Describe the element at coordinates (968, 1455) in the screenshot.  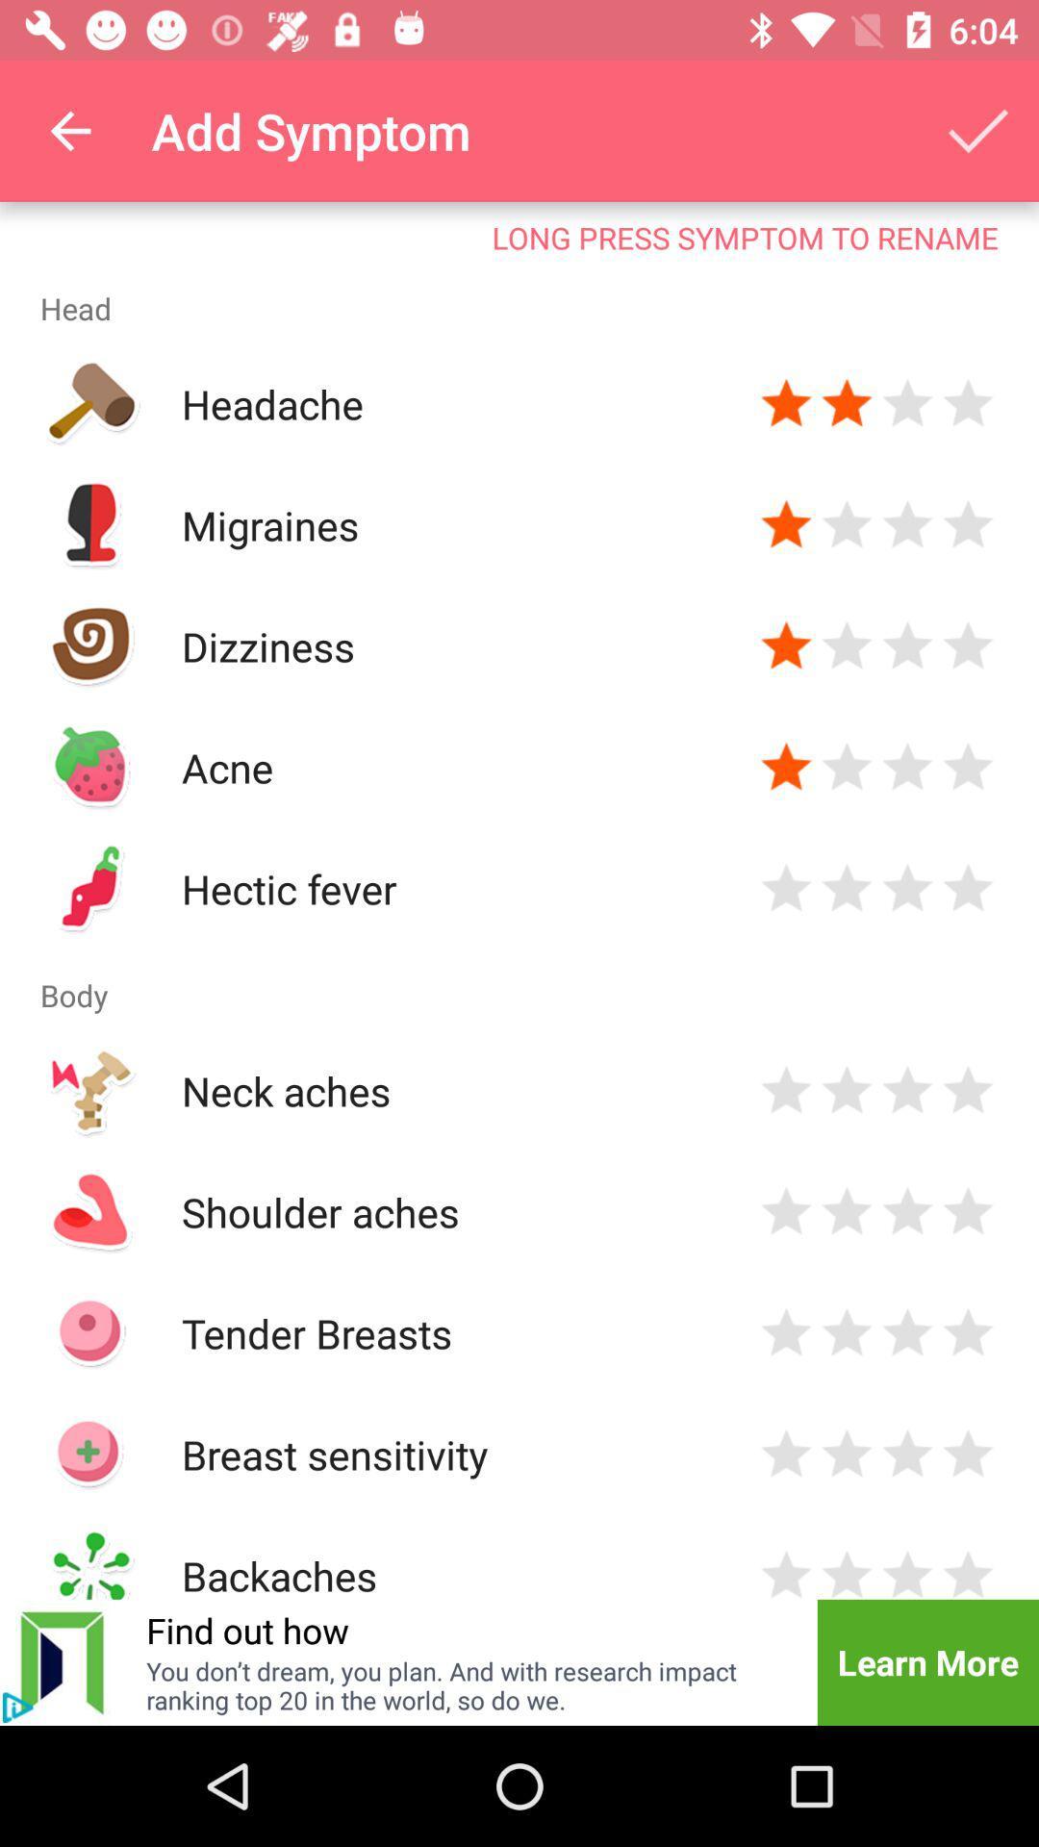
I see `rate the level of symptom` at that location.